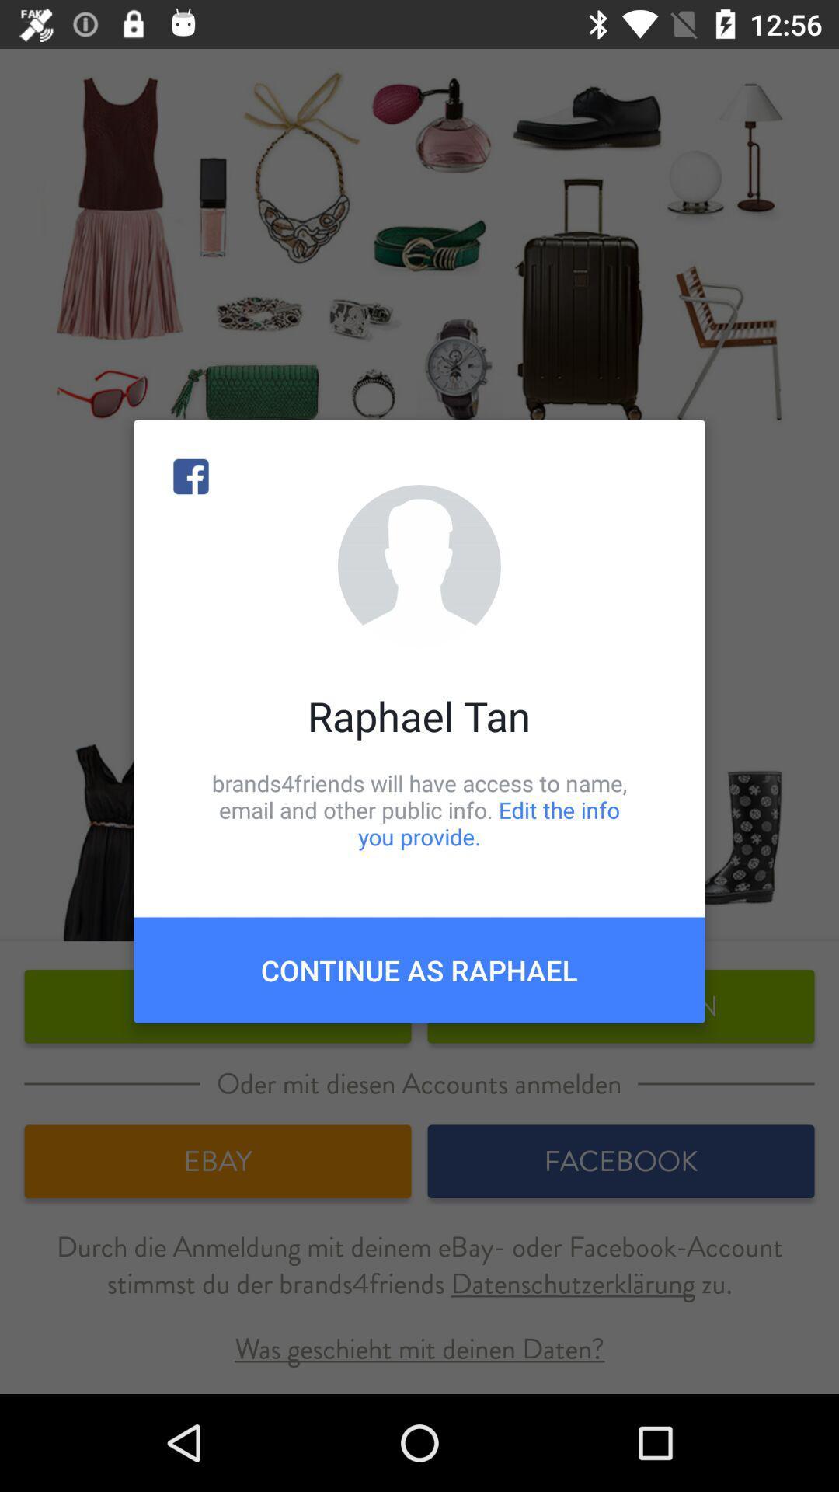 The image size is (839, 1492). I want to click on the continue as raphael item, so click(419, 969).